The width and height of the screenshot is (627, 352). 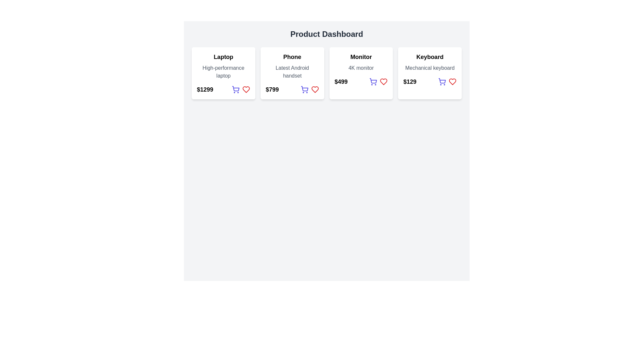 What do you see at coordinates (410, 81) in the screenshot?
I see `the price Text Label located in the bottom left section of the fourth card labeled 'Keyboard' in the Product Dashboard interface, which is situated above the shopping cart and heart-shaped icons` at bounding box center [410, 81].